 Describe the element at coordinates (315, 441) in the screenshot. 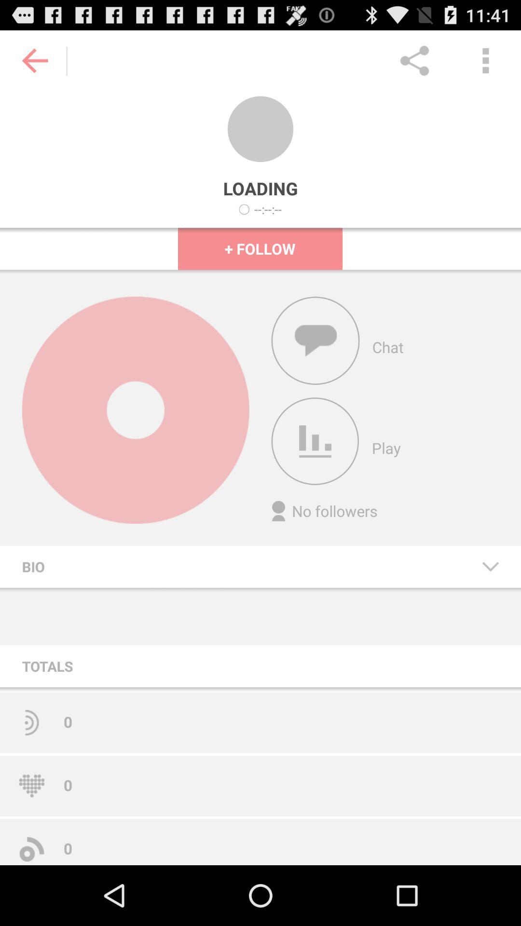

I see `icon next to the play item` at that location.